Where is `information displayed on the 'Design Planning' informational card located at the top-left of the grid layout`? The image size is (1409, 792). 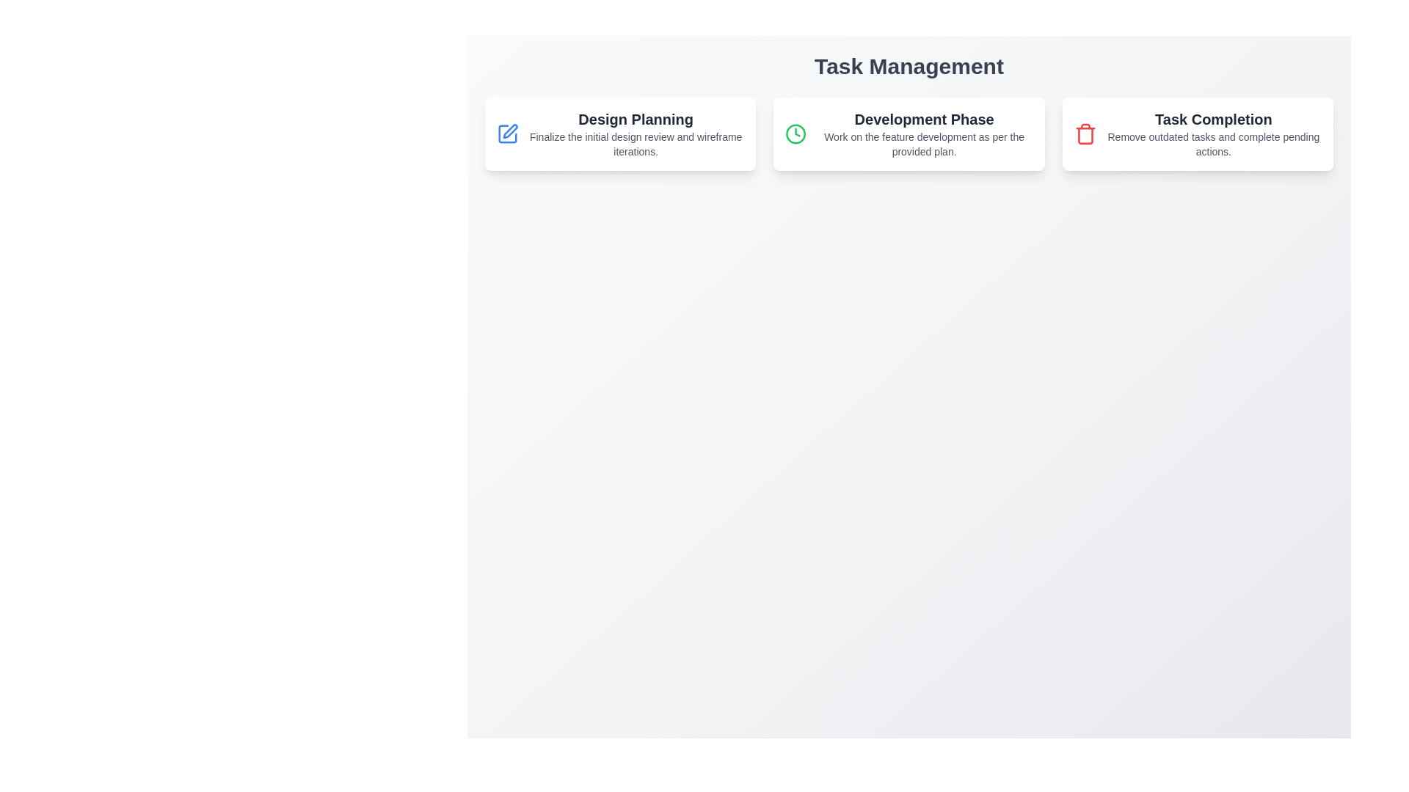 information displayed on the 'Design Planning' informational card located at the top-left of the grid layout is located at coordinates (620, 133).